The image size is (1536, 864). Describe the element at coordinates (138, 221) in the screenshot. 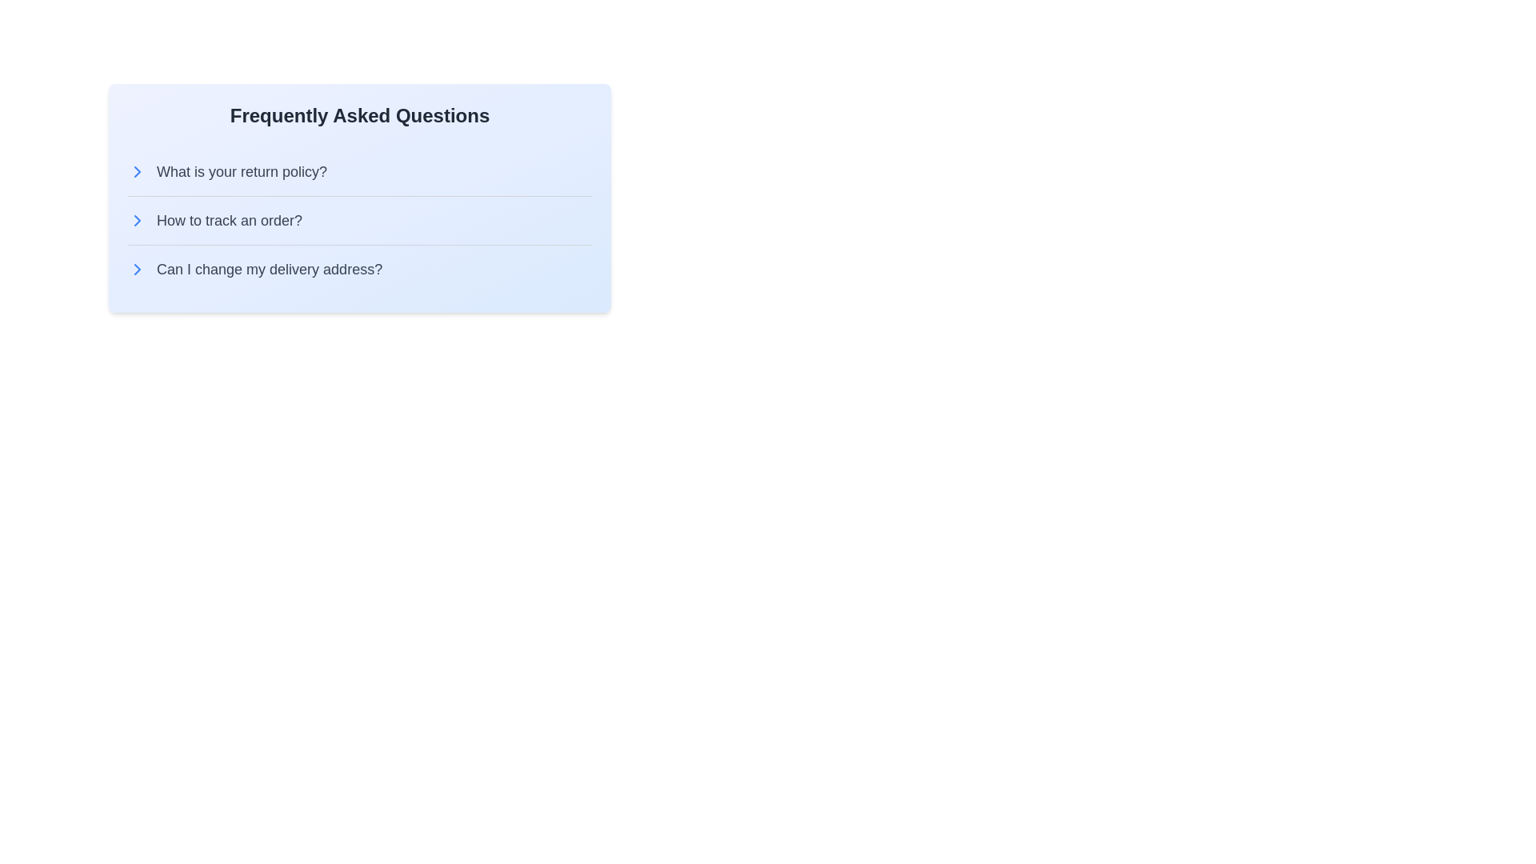

I see `the small rightward-pointing chevron icon located to the left of the text 'How to track an order?' in the Frequently Asked Questions section` at that location.